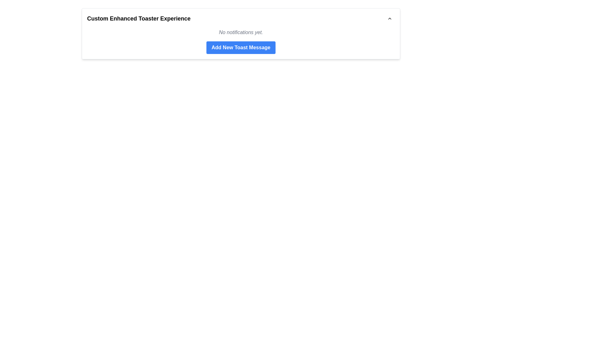  What do you see at coordinates (389, 18) in the screenshot?
I see `the upward-facing chevron icon contained within the button at the top-right corner of the card to trigger potential tooltip or visual feedback` at bounding box center [389, 18].